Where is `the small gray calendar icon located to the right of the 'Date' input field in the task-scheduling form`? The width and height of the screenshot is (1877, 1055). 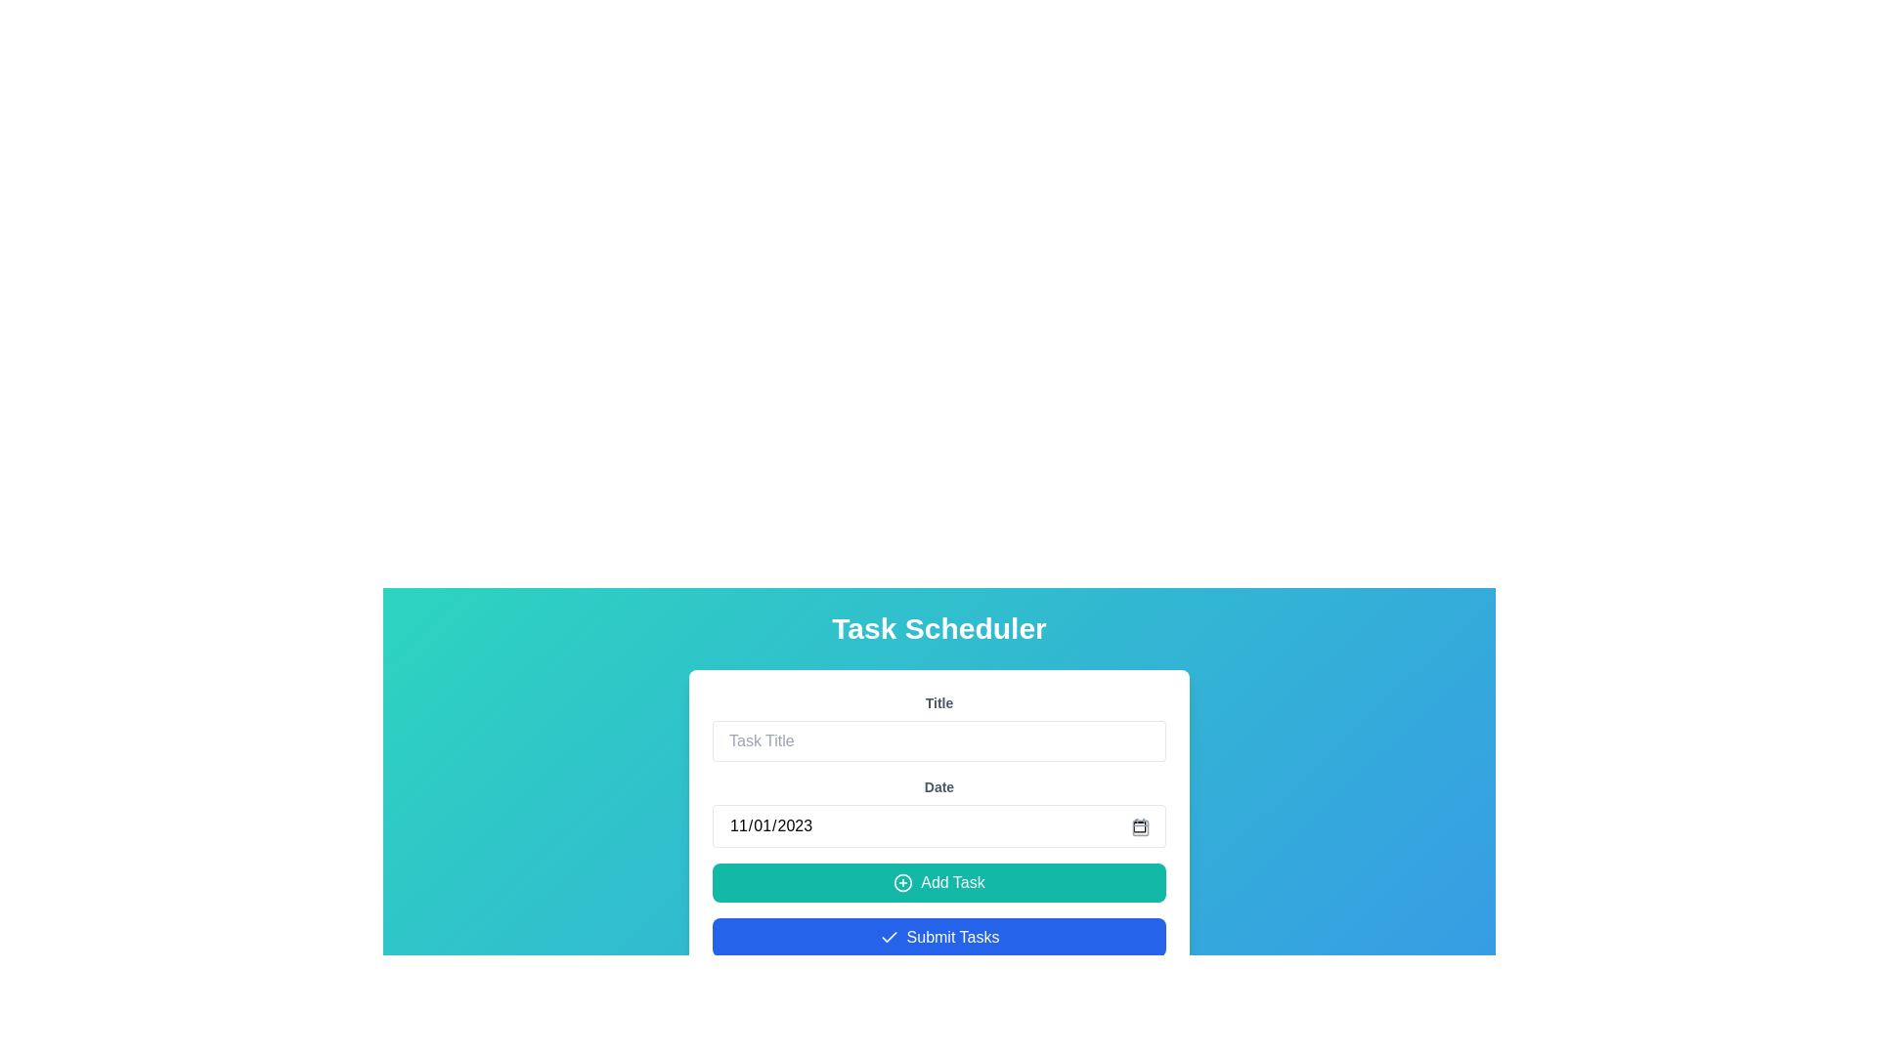
the small gray calendar icon located to the right of the 'Date' input field in the task-scheduling form is located at coordinates (1140, 825).